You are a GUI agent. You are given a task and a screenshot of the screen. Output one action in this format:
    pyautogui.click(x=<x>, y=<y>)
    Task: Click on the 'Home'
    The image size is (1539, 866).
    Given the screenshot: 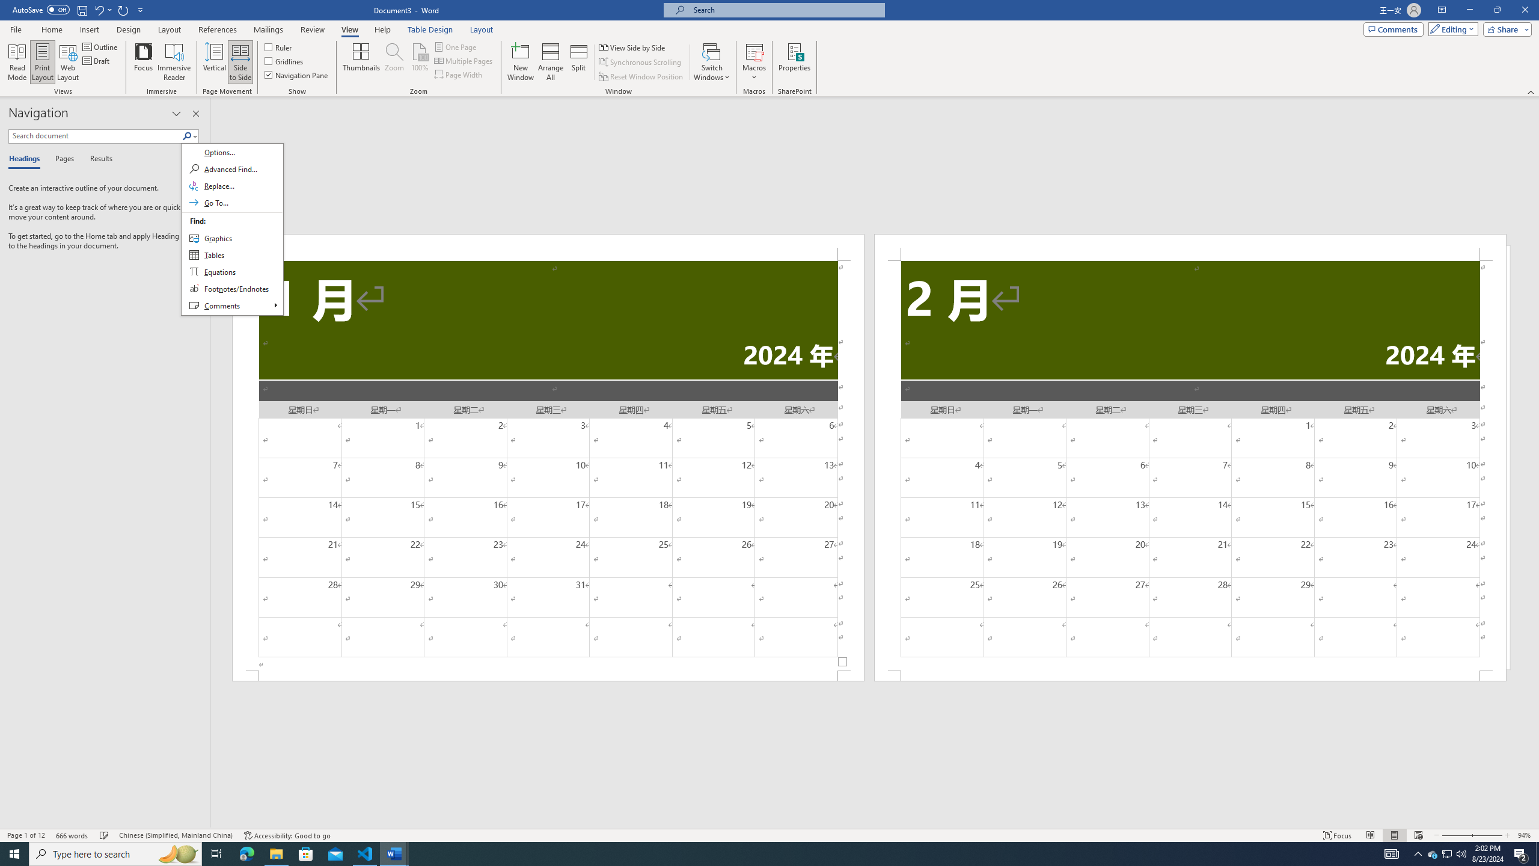 What is the action you would take?
    pyautogui.click(x=51, y=29)
    